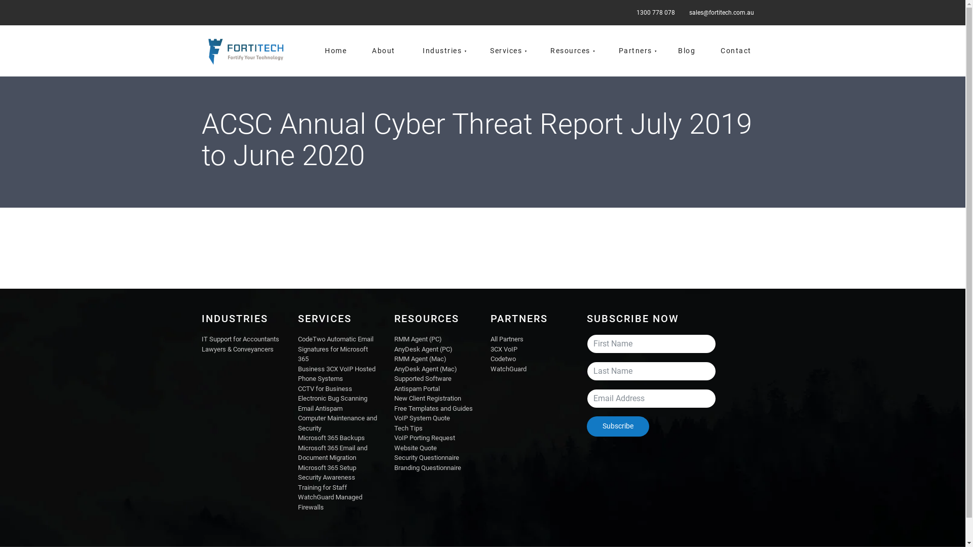 The image size is (973, 547). Describe the element at coordinates (297, 467) in the screenshot. I see `'Microsoft 365 Setup'` at that location.